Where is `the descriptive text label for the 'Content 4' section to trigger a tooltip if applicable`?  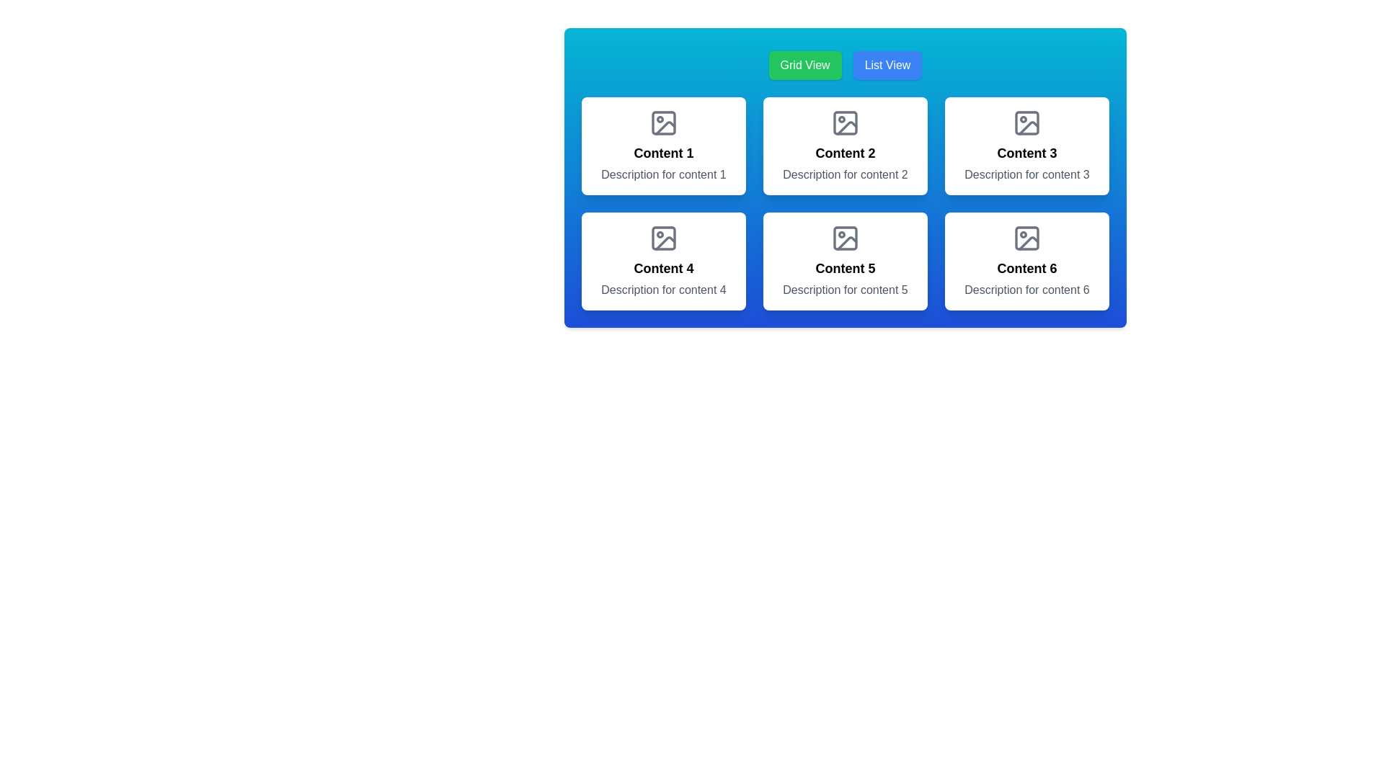 the descriptive text label for the 'Content 4' section to trigger a tooltip if applicable is located at coordinates (663, 290).